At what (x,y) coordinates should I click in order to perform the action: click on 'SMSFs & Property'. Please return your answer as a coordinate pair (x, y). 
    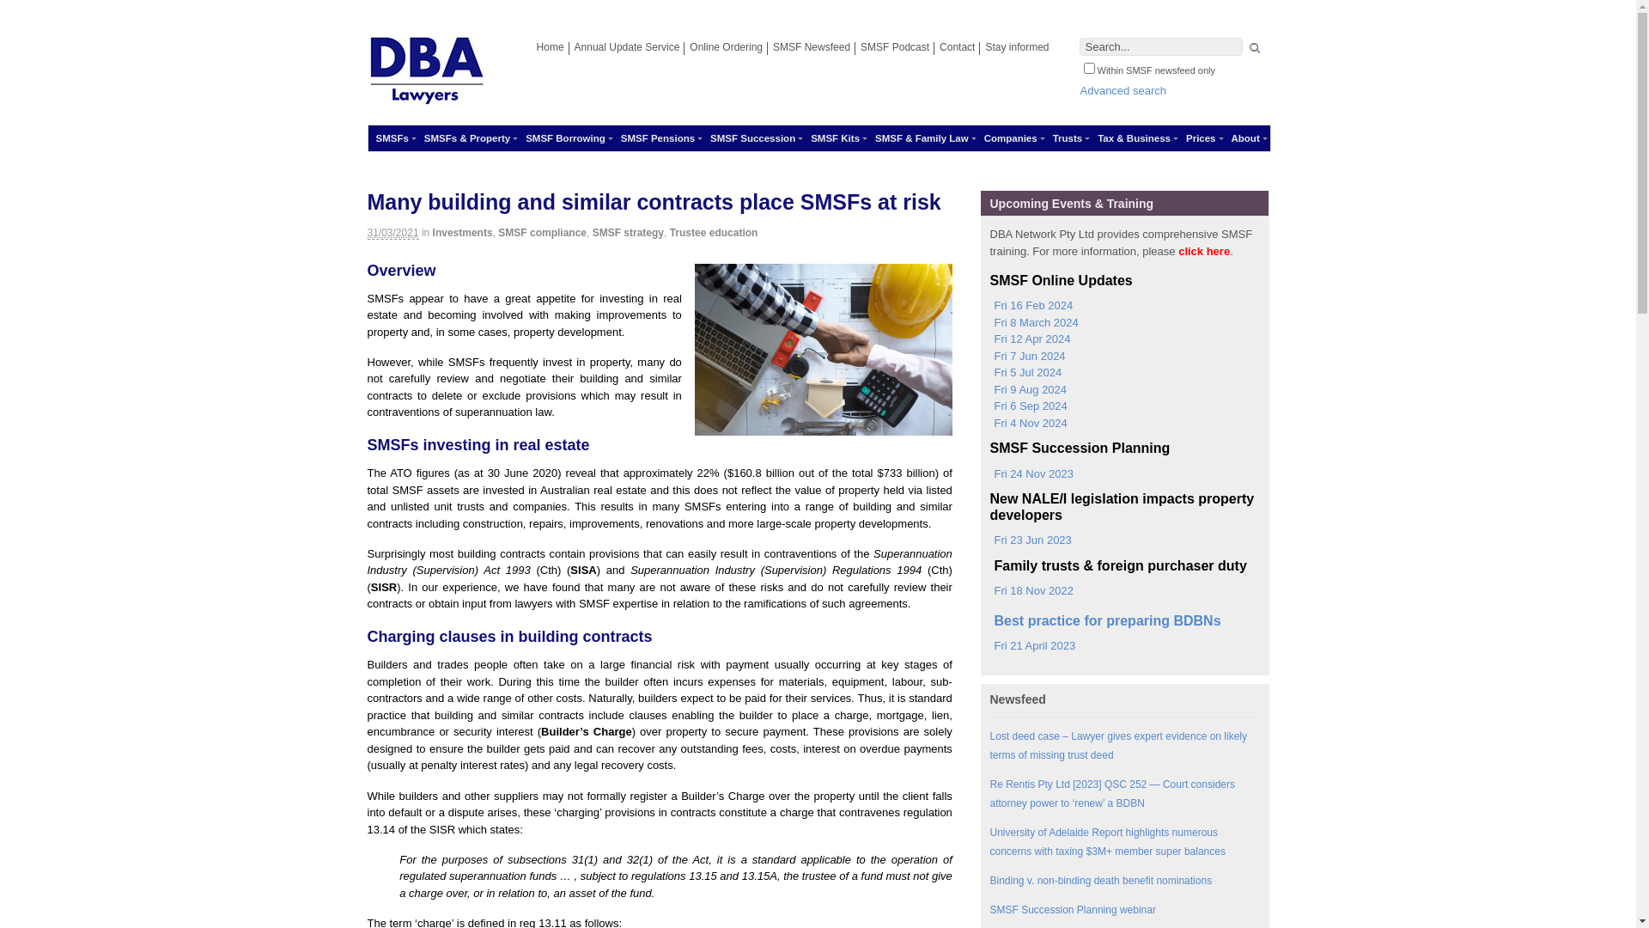
    Looking at the image, I should click on (416, 137).